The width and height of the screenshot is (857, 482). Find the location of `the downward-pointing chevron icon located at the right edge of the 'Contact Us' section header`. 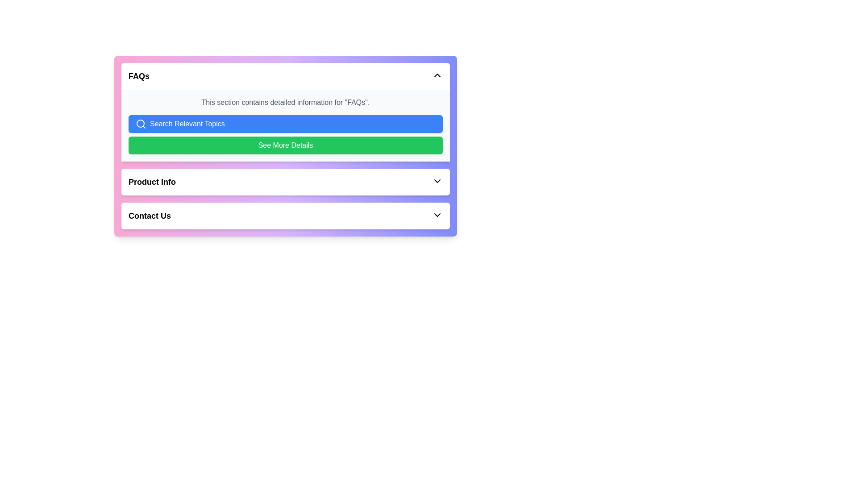

the downward-pointing chevron icon located at the right edge of the 'Contact Us' section header is located at coordinates (437, 215).